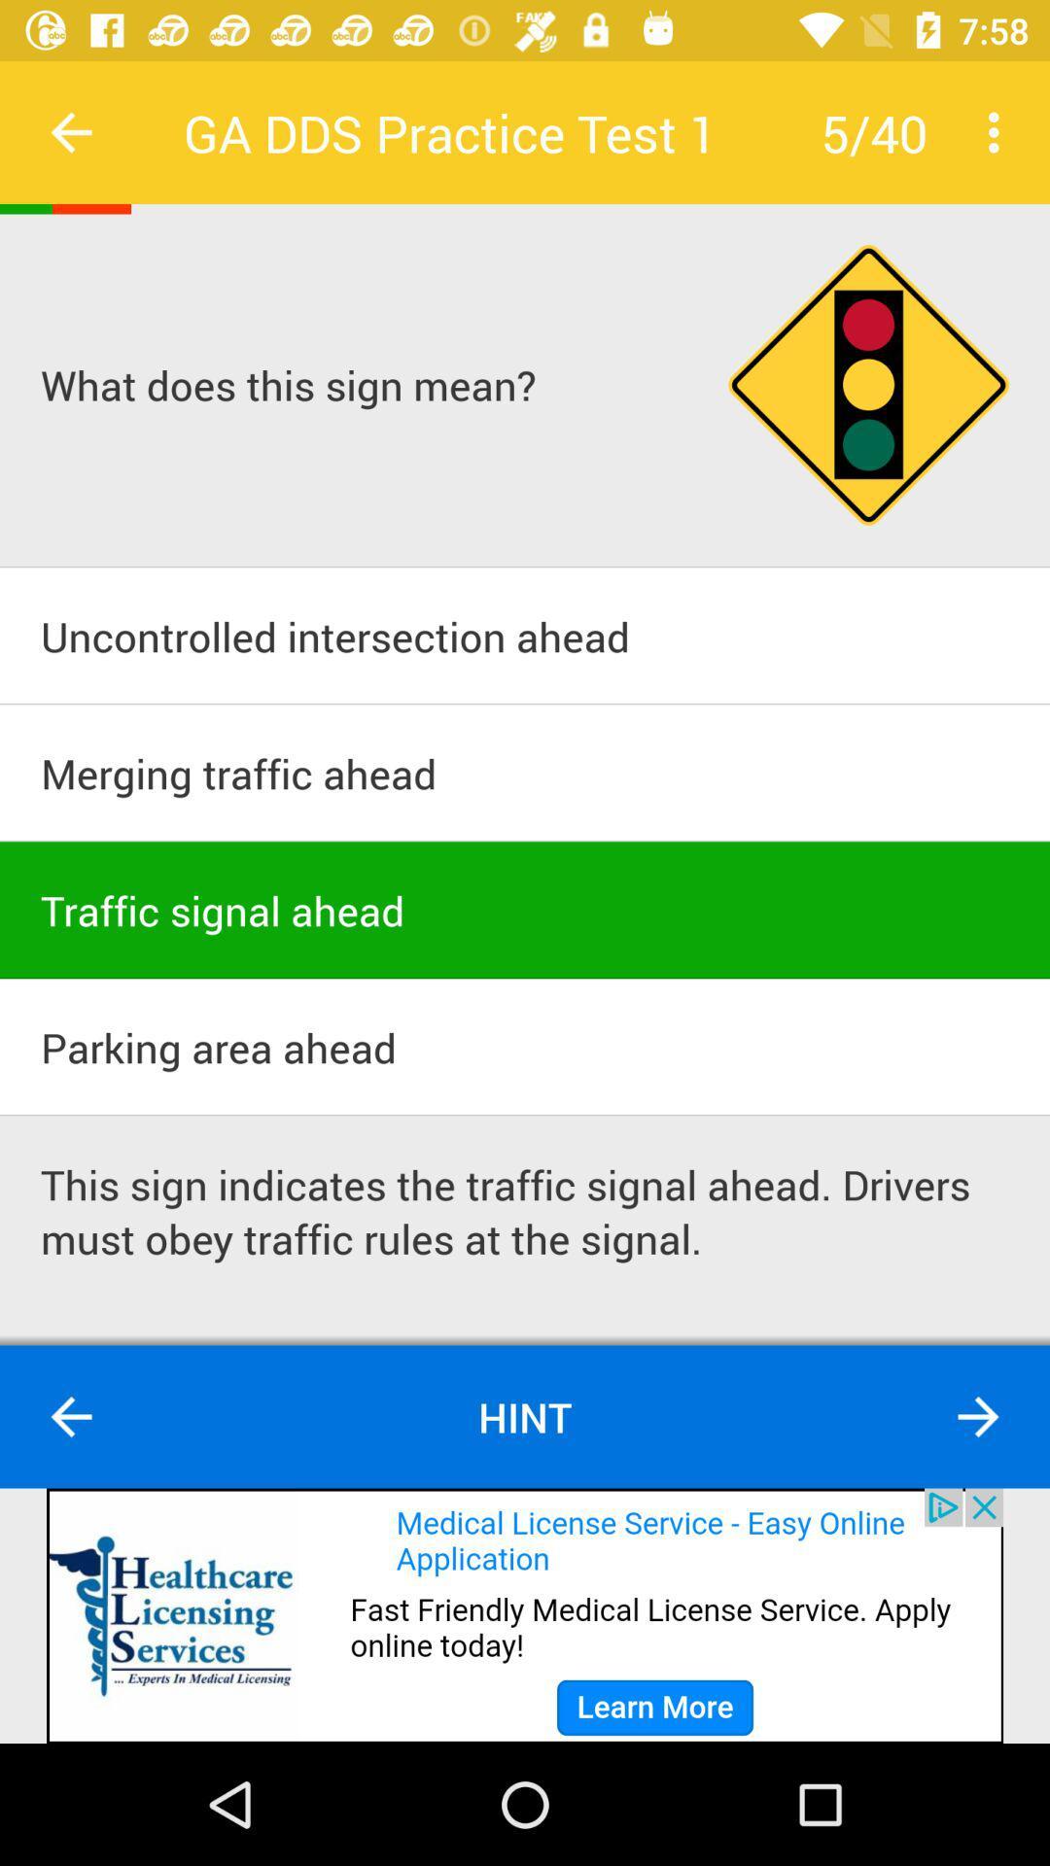 The image size is (1050, 1866). I want to click on the arrow_backward icon, so click(70, 1417).